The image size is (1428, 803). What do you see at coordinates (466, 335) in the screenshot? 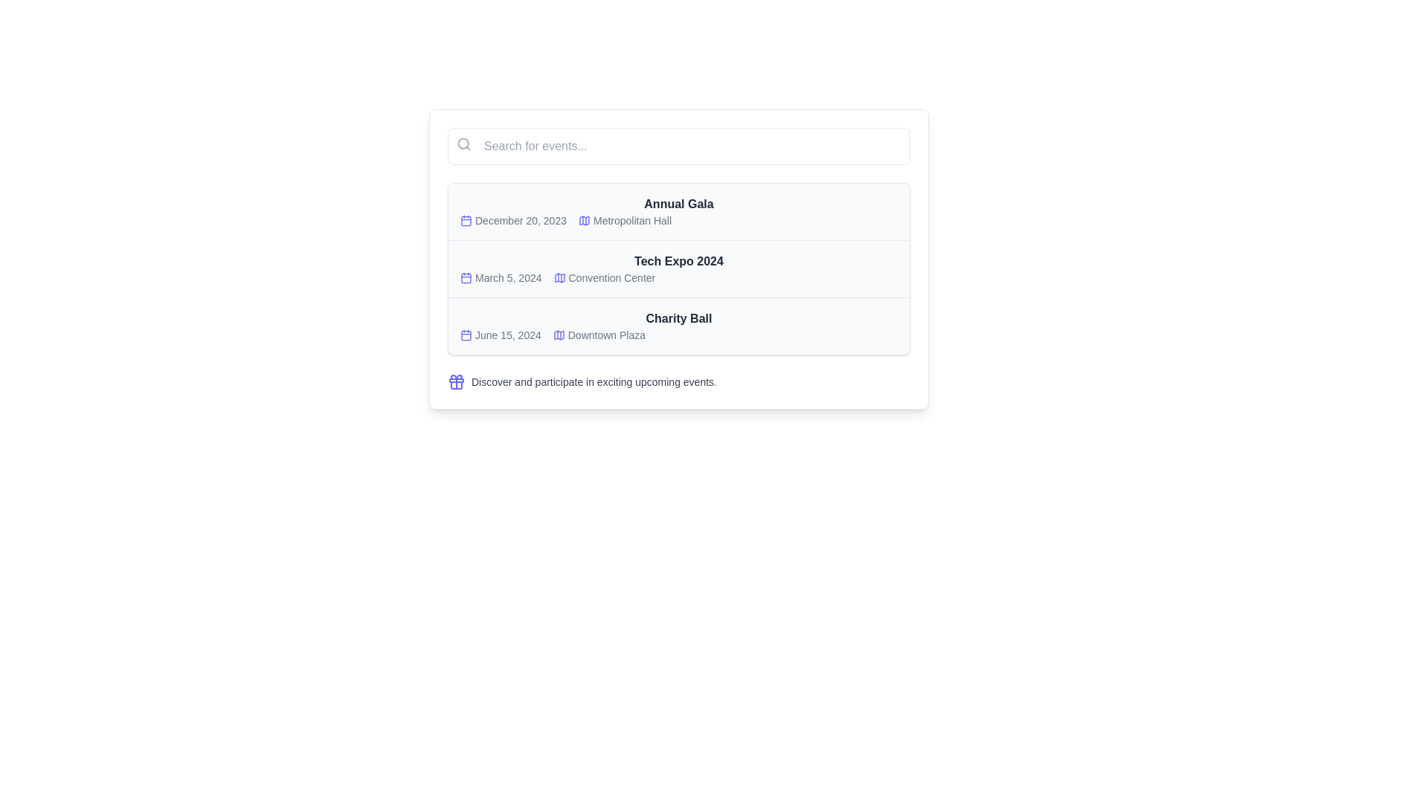
I see `the calendar icon indicating the date 'June 15, 2024' for the event 'Charity Ball', which is located at the beginning of the text in the third row of the event list` at bounding box center [466, 335].